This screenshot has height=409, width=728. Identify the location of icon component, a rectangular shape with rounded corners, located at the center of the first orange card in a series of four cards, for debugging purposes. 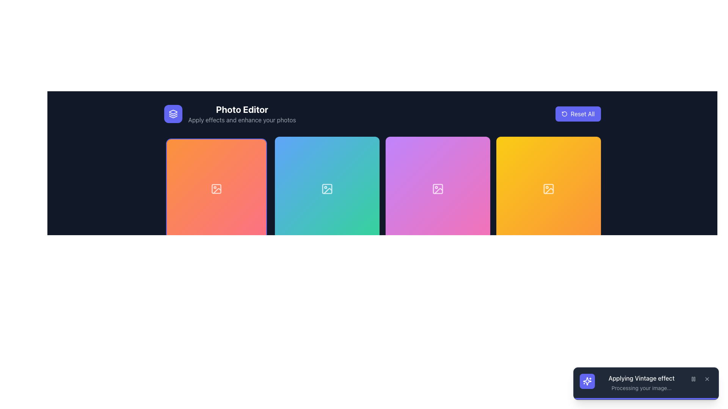
(216, 188).